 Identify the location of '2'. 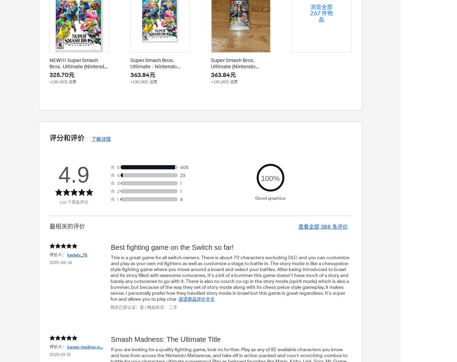
(118, 191).